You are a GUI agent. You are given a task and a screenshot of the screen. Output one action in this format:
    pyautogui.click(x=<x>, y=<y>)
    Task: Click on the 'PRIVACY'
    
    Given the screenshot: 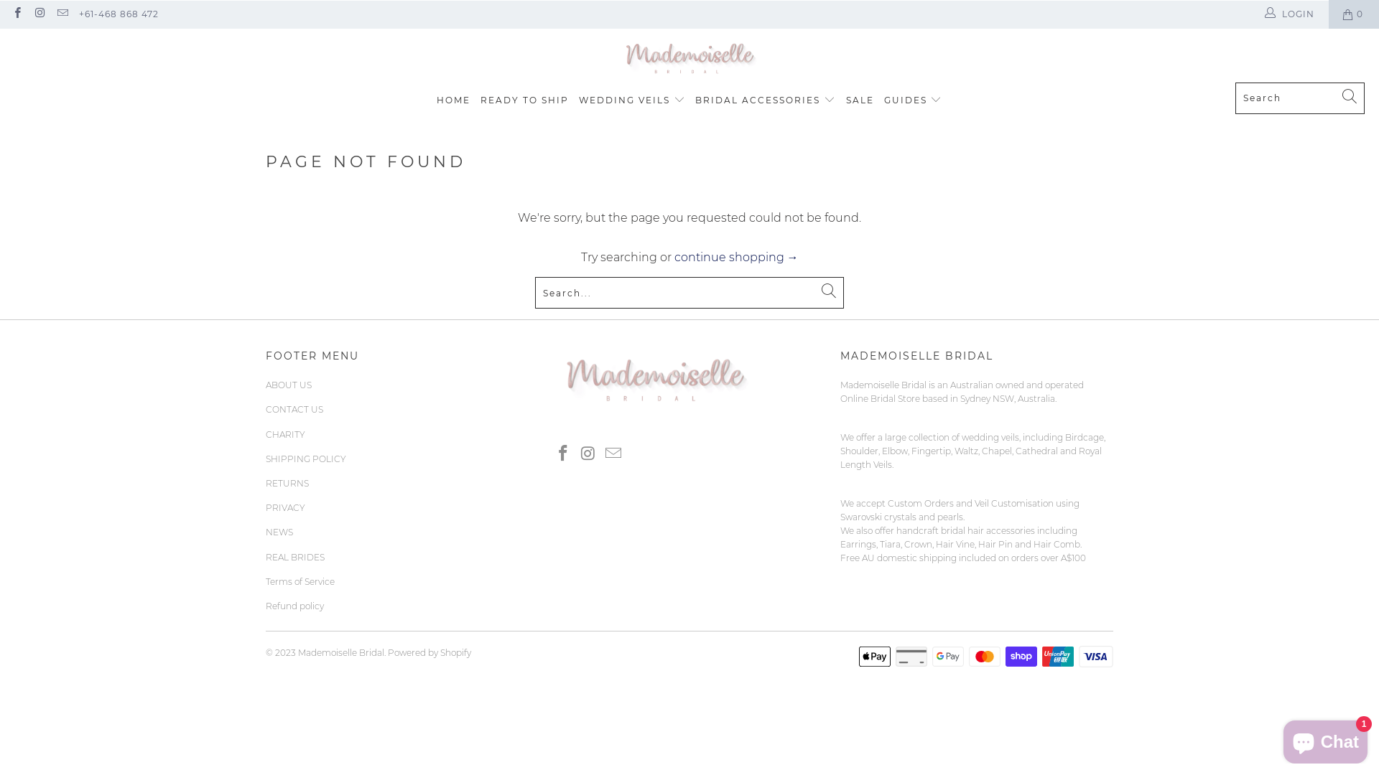 What is the action you would take?
    pyautogui.click(x=265, y=507)
    